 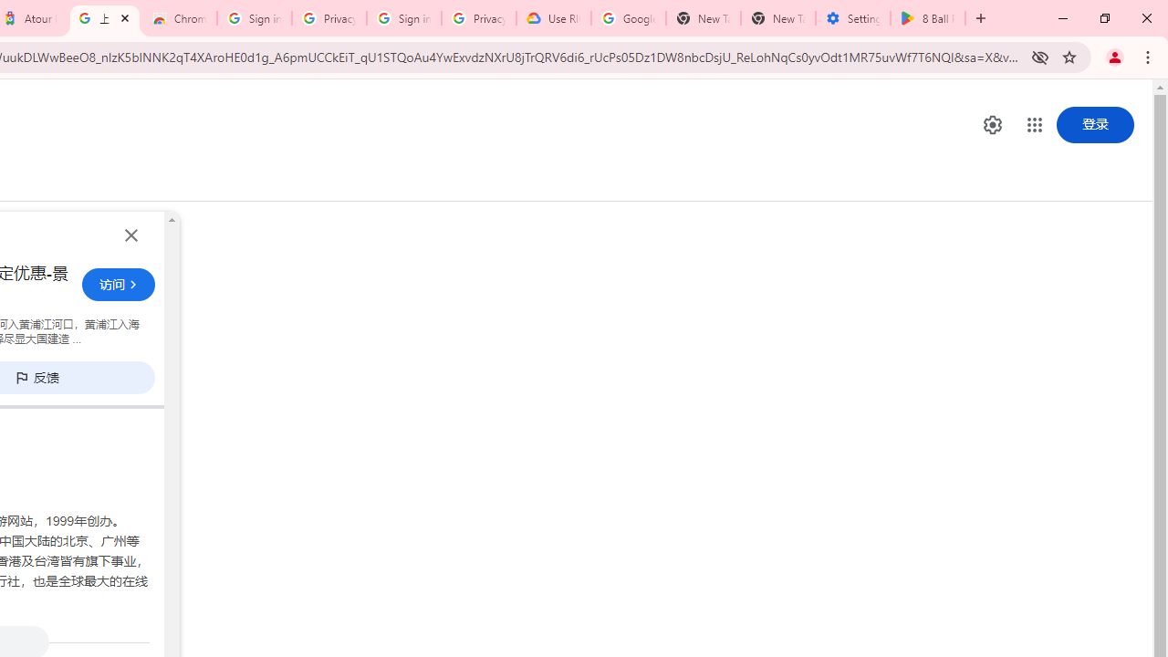 I want to click on 'Chrome Web Store - Color themes by Chrome', so click(x=180, y=18).